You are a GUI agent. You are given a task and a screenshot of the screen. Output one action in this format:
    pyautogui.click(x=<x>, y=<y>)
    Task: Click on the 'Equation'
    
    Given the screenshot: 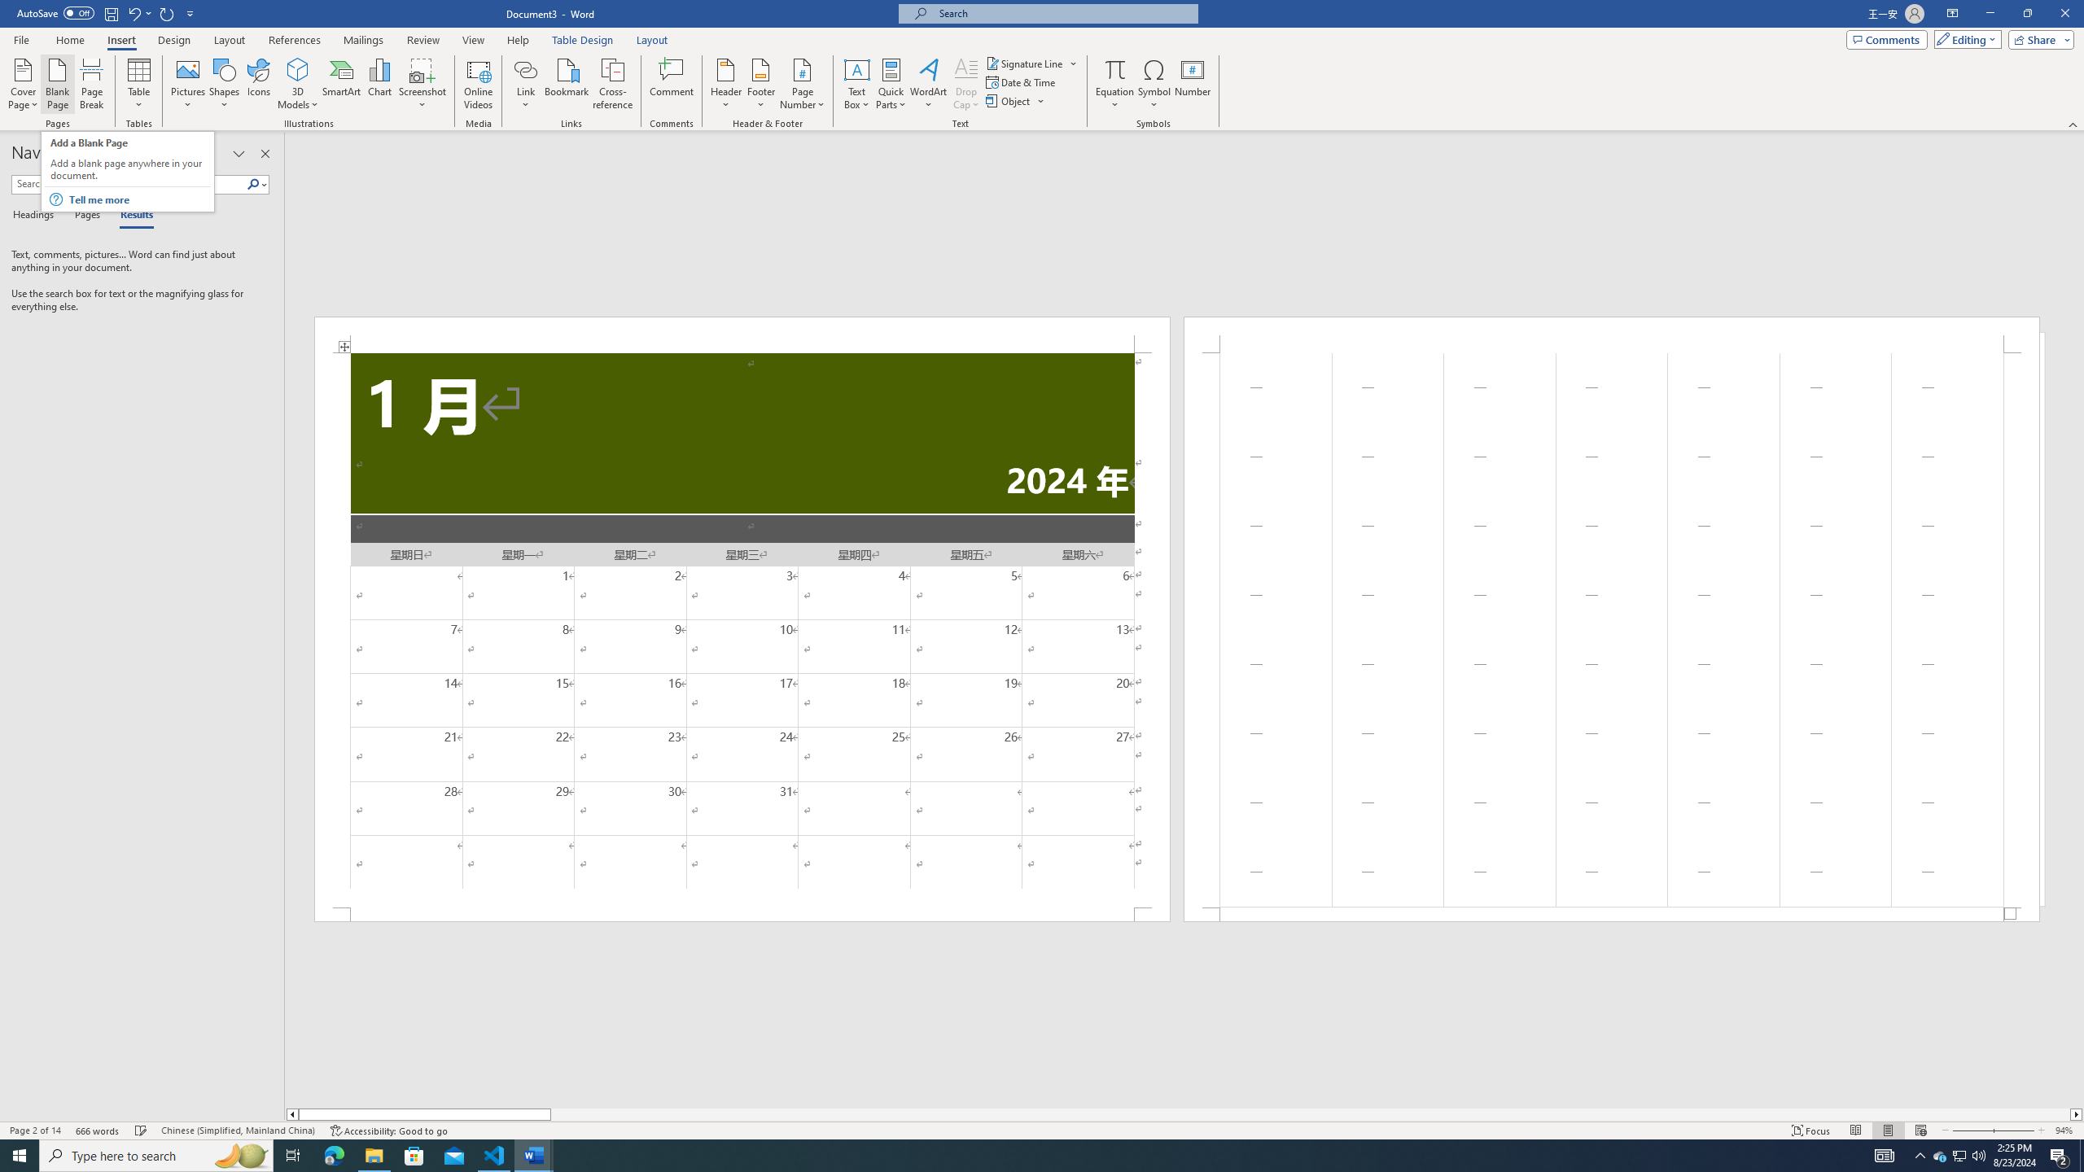 What is the action you would take?
    pyautogui.click(x=1114, y=68)
    